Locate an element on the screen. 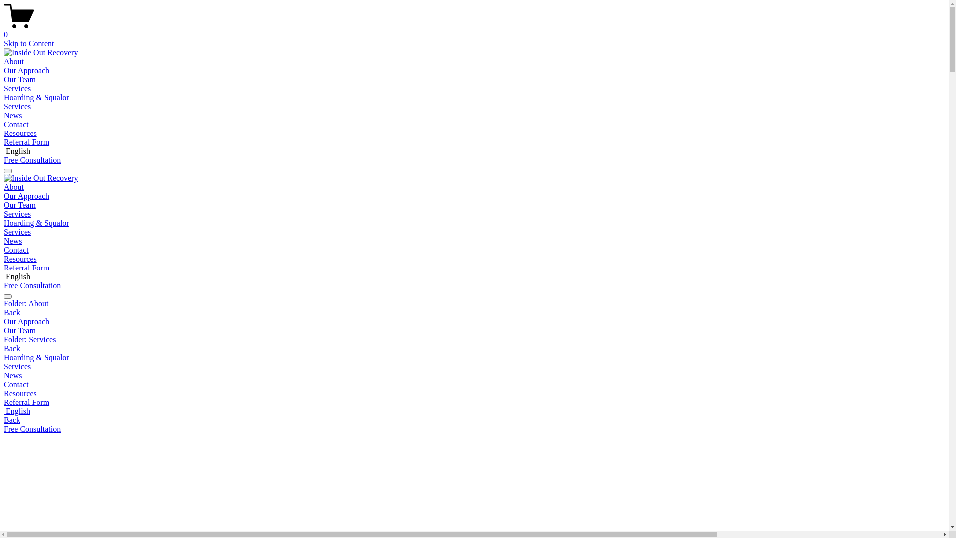  'Our Approach' is located at coordinates (26, 70).